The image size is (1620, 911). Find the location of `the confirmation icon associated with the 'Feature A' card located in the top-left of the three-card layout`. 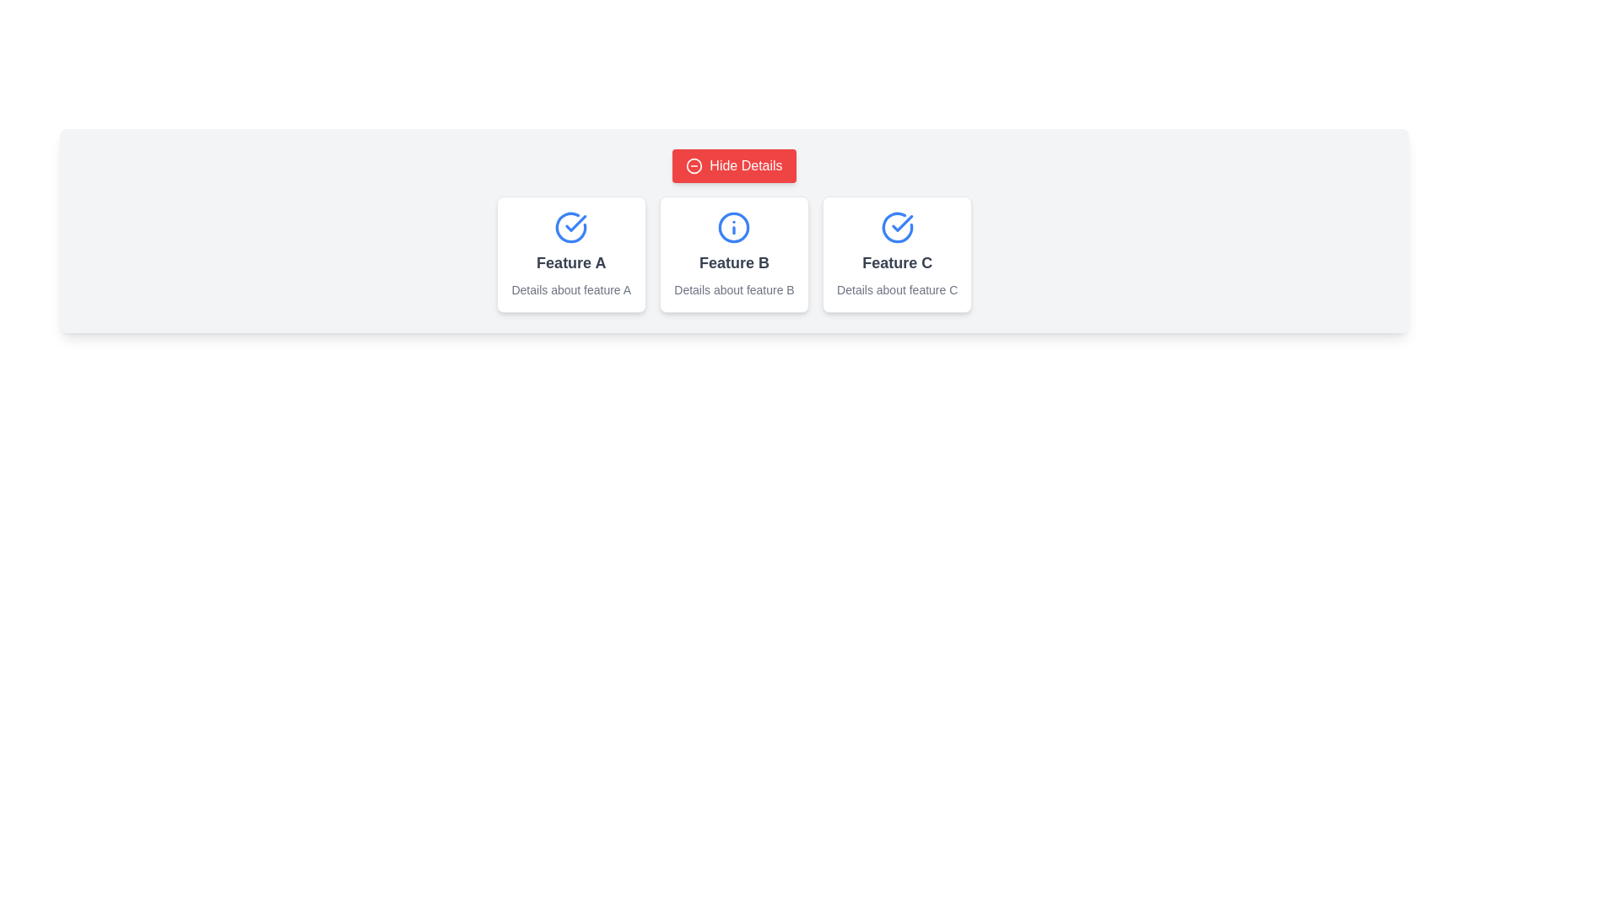

the confirmation icon associated with the 'Feature A' card located in the top-left of the three-card layout is located at coordinates (901, 223).